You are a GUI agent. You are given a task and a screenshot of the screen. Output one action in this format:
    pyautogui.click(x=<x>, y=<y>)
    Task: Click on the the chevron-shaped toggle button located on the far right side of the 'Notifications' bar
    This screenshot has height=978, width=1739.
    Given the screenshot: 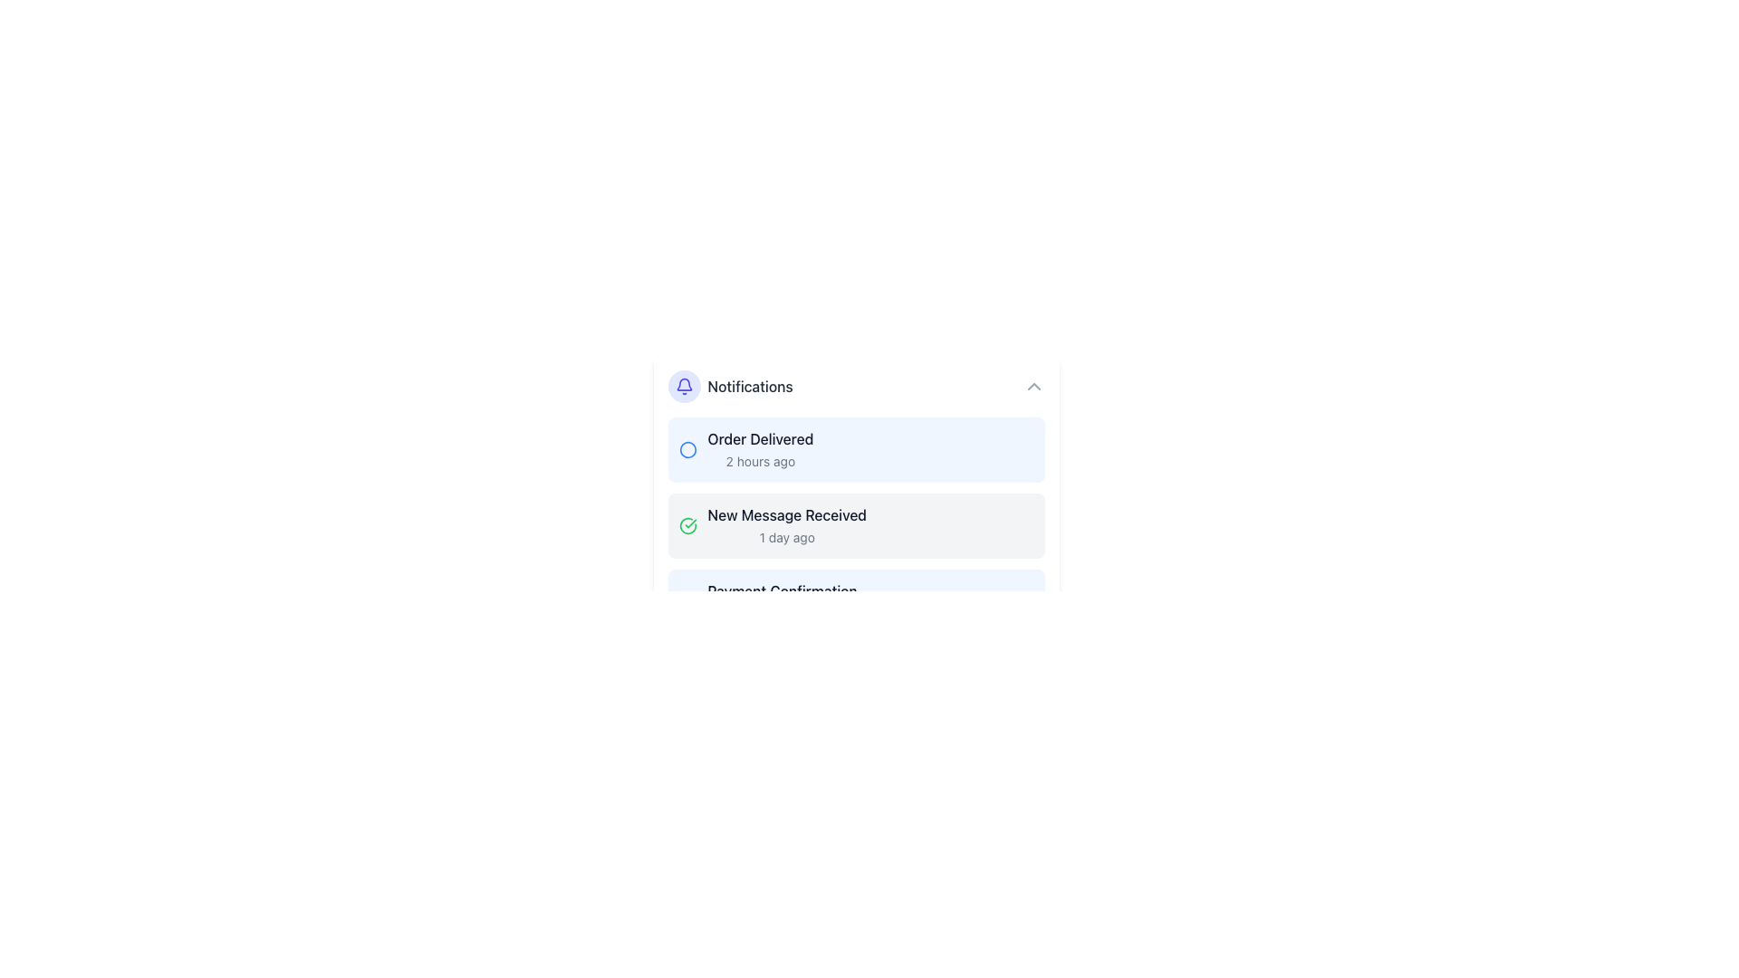 What is the action you would take?
    pyautogui.click(x=1033, y=386)
    